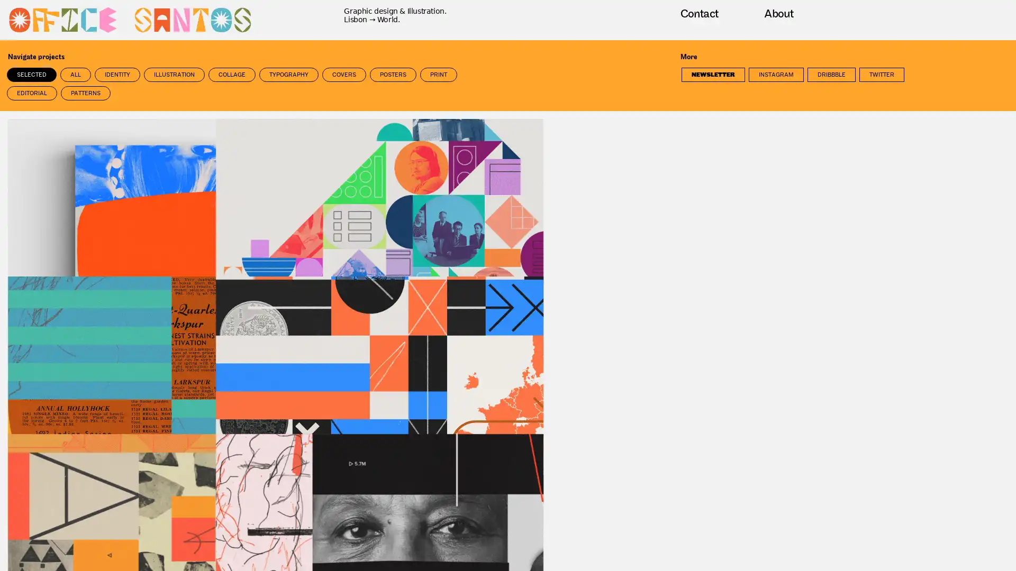  What do you see at coordinates (117, 74) in the screenshot?
I see `IDENTITY` at bounding box center [117, 74].